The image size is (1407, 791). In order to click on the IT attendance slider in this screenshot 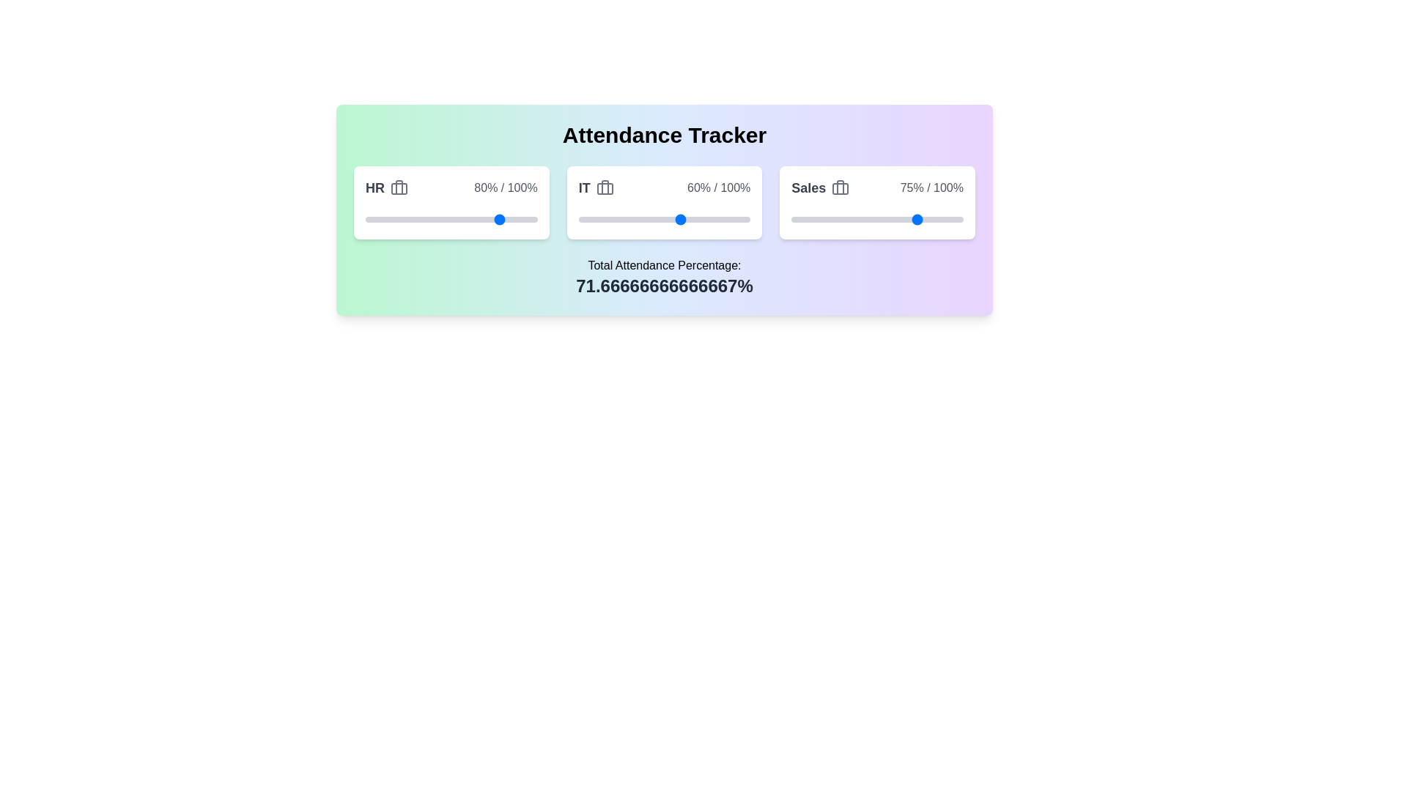, I will do `click(684, 220)`.